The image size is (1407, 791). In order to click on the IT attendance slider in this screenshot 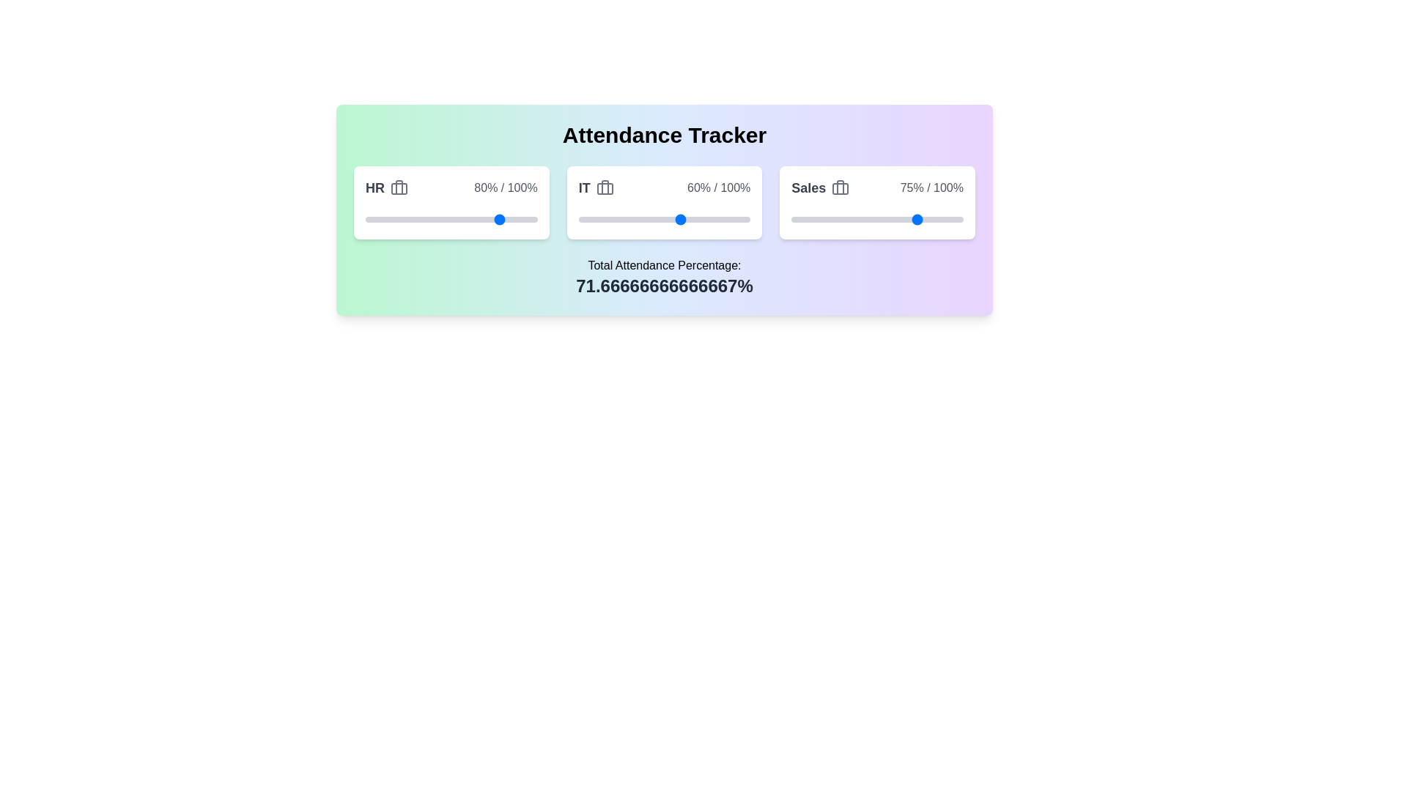, I will do `click(684, 220)`.